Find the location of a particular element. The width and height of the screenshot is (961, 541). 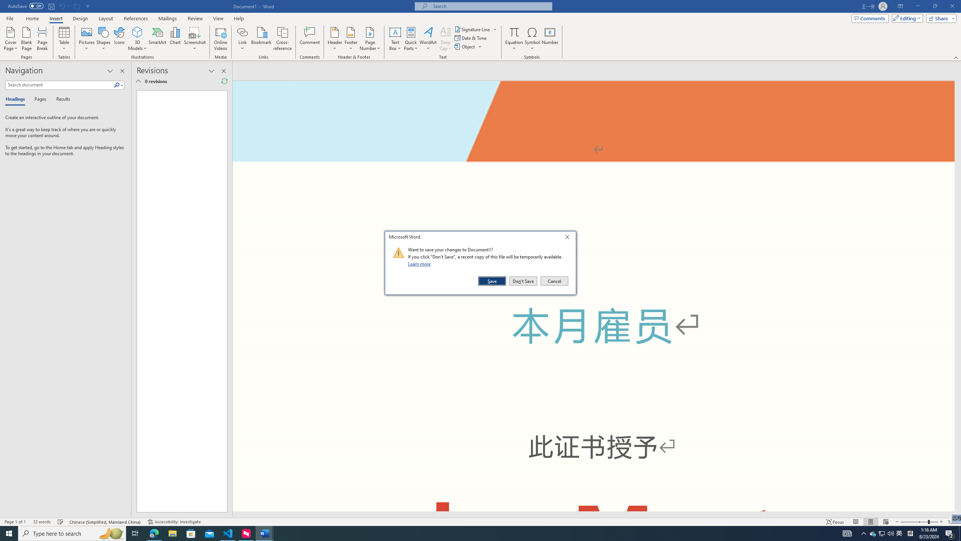

'Online Videos...' is located at coordinates (262, 39).